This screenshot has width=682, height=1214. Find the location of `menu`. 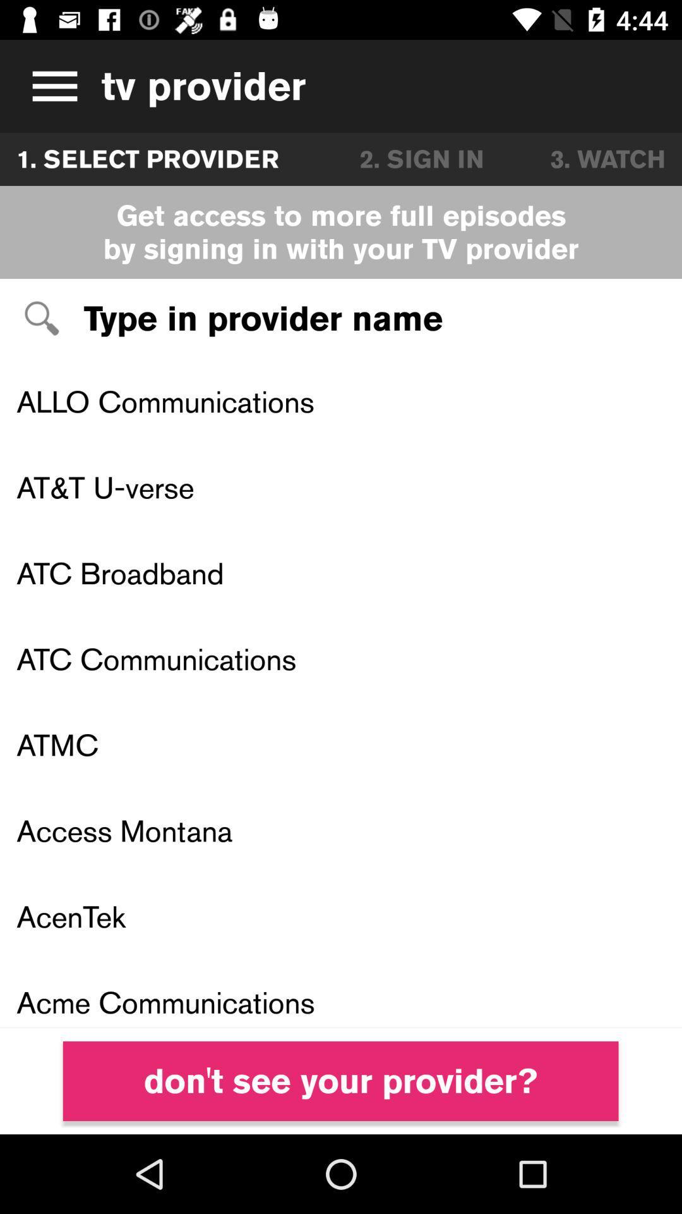

menu is located at coordinates (50, 85).